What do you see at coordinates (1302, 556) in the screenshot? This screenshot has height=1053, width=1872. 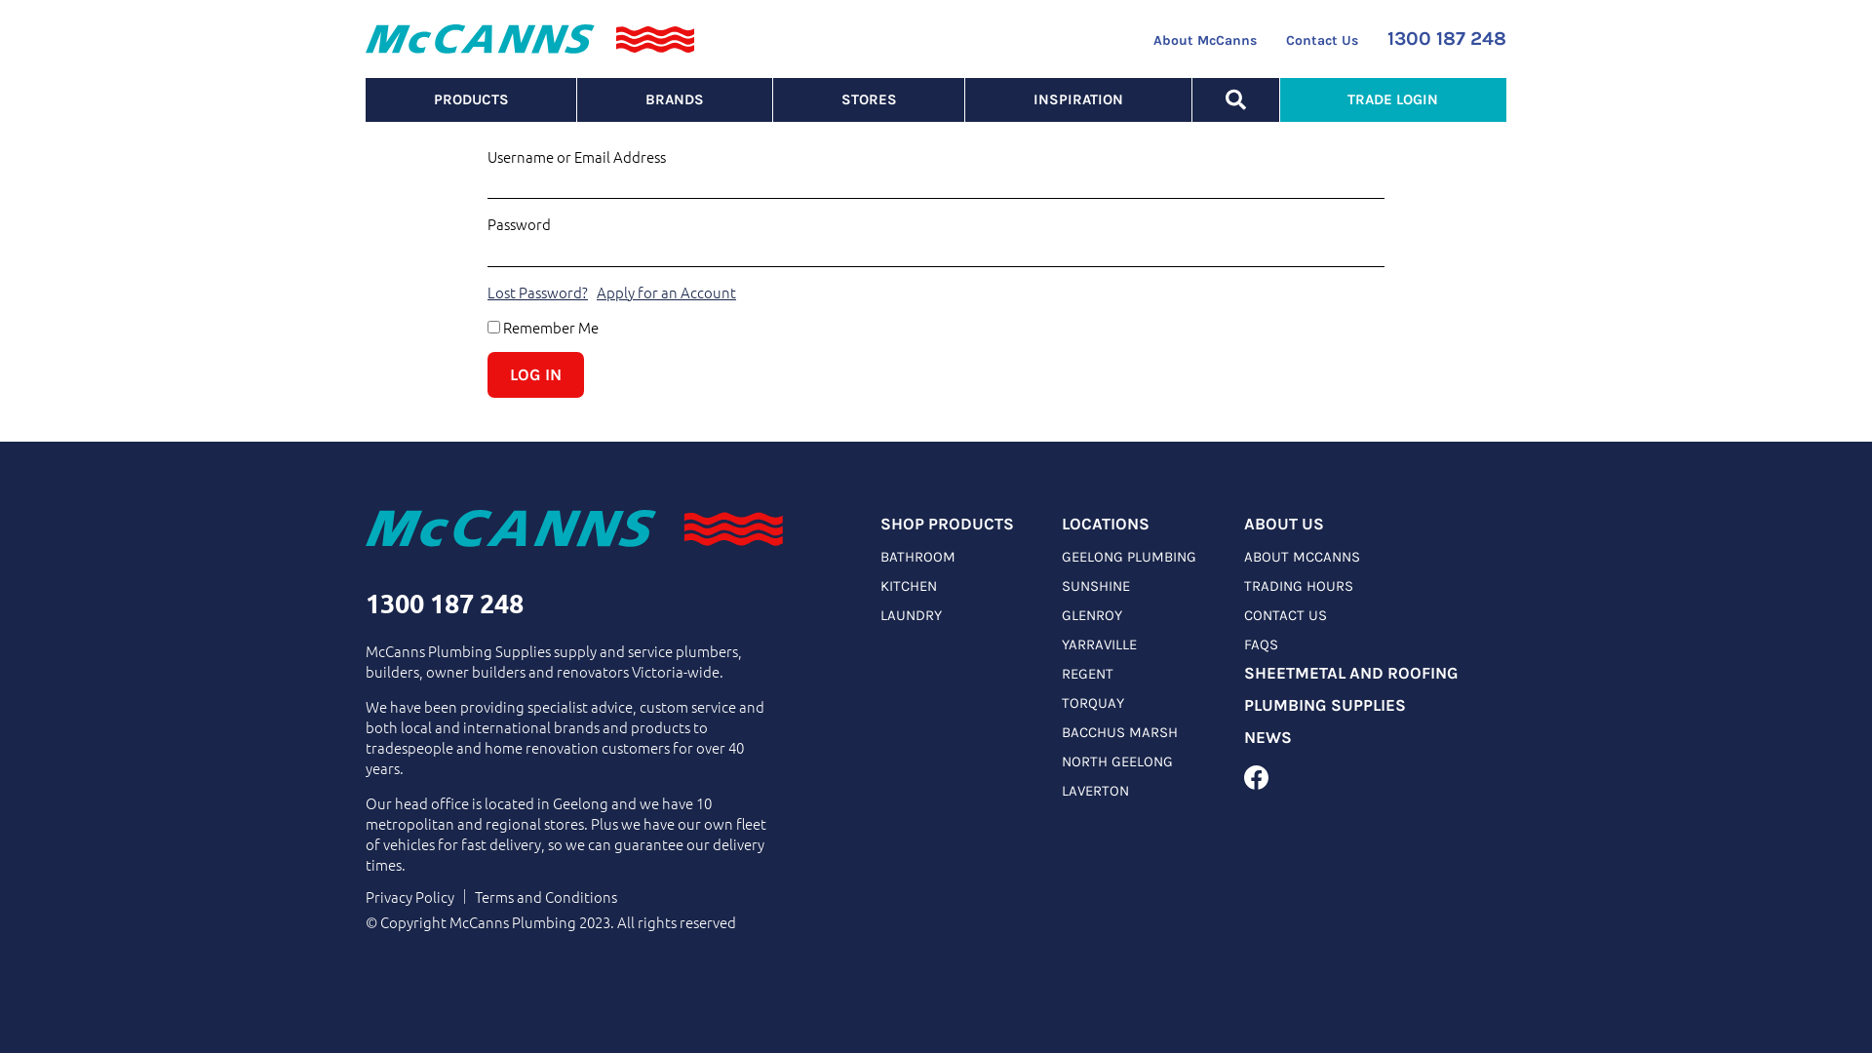 I see `'ABOUT MCCANNS'` at bounding box center [1302, 556].